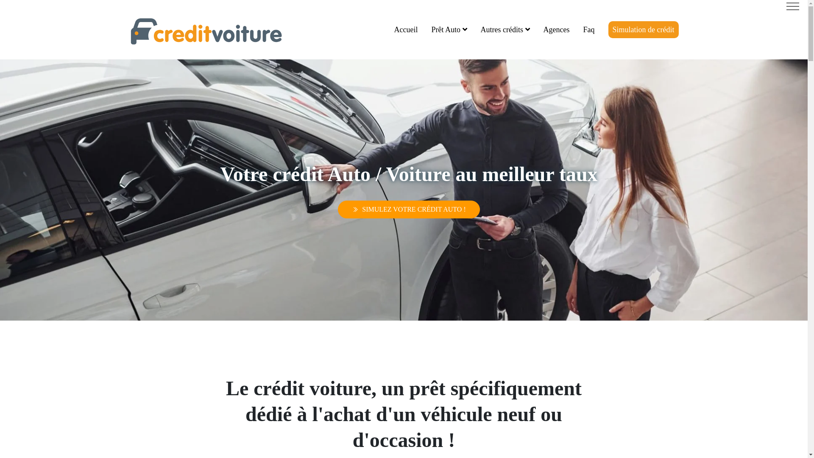 This screenshot has width=814, height=458. Describe the element at coordinates (588, 29) in the screenshot. I see `'Faq'` at that location.